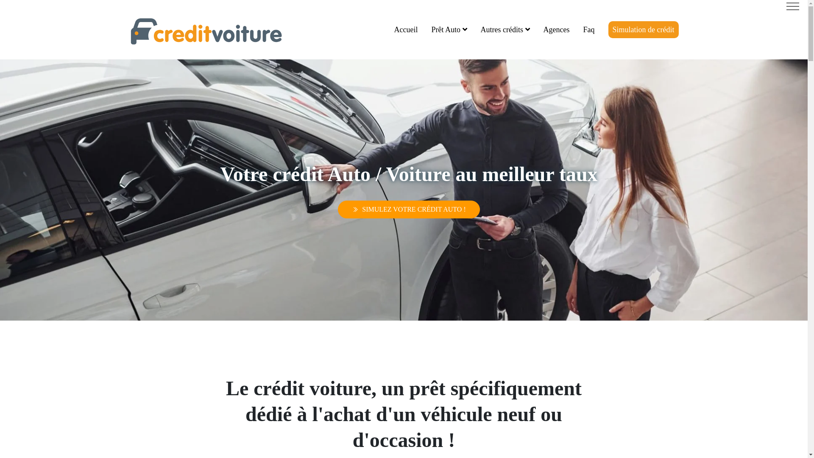 This screenshot has width=814, height=458. Describe the element at coordinates (588, 29) in the screenshot. I see `'Faq'` at that location.